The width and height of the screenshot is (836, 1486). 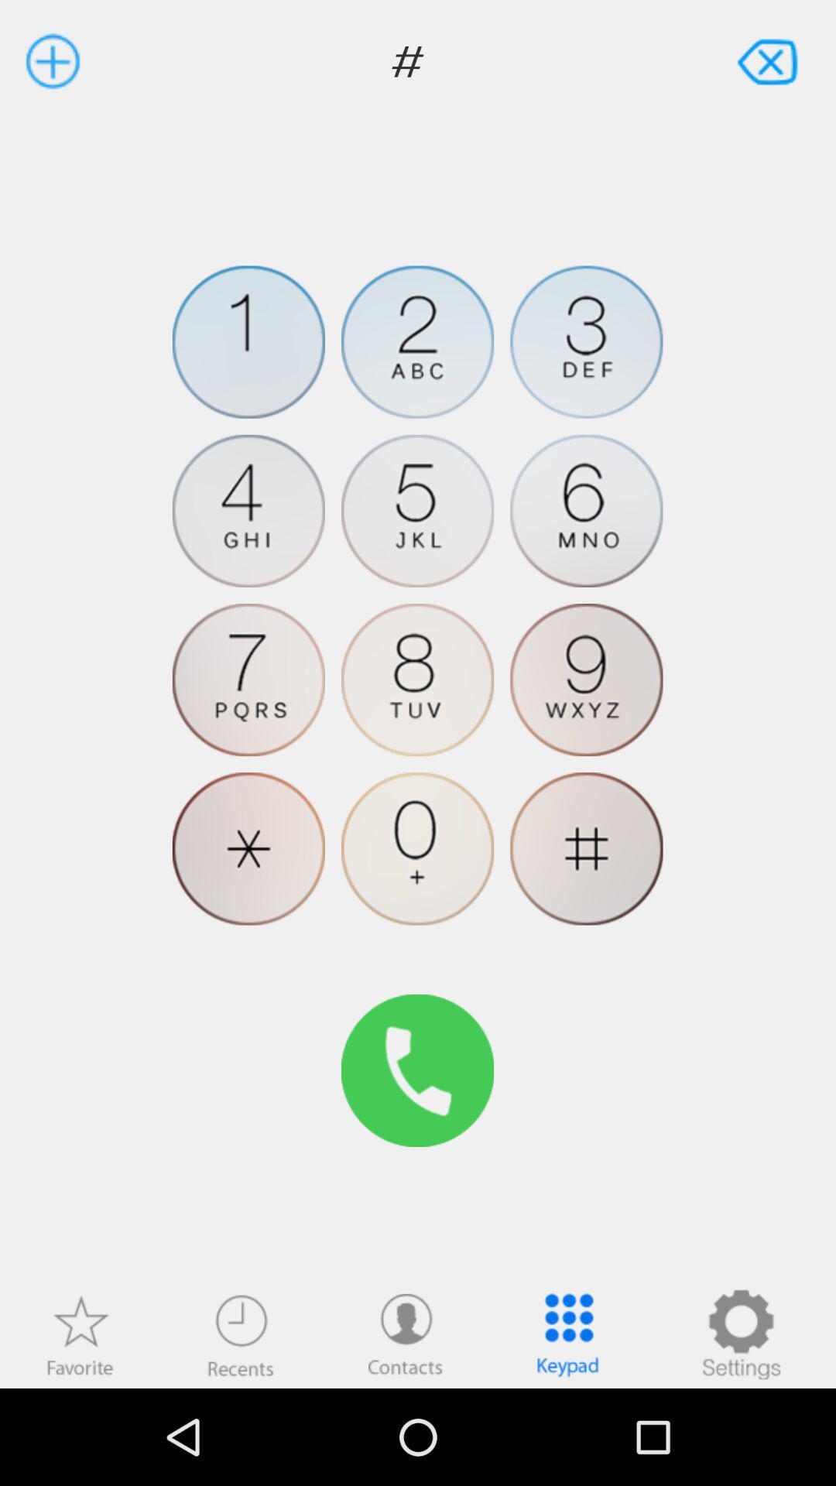 What do you see at coordinates (416, 727) in the screenshot?
I see `the avatar icon` at bounding box center [416, 727].